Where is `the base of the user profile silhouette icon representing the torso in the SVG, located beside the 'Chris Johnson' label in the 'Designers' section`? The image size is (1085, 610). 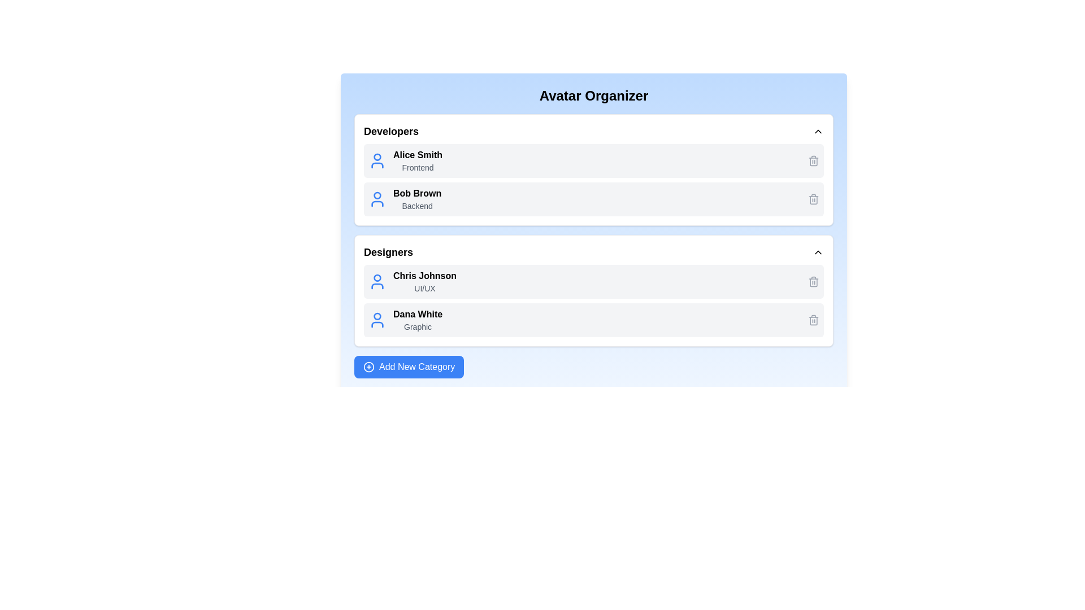
the base of the user profile silhouette icon representing the torso in the SVG, located beside the 'Chris Johnson' label in the 'Designers' section is located at coordinates (377, 285).